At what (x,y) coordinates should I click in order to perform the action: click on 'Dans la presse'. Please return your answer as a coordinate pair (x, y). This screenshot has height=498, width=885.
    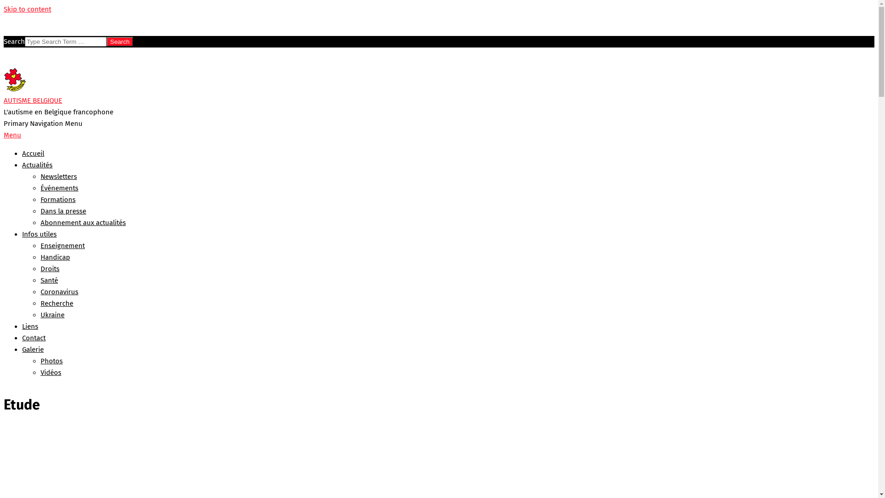
    Looking at the image, I should click on (40, 211).